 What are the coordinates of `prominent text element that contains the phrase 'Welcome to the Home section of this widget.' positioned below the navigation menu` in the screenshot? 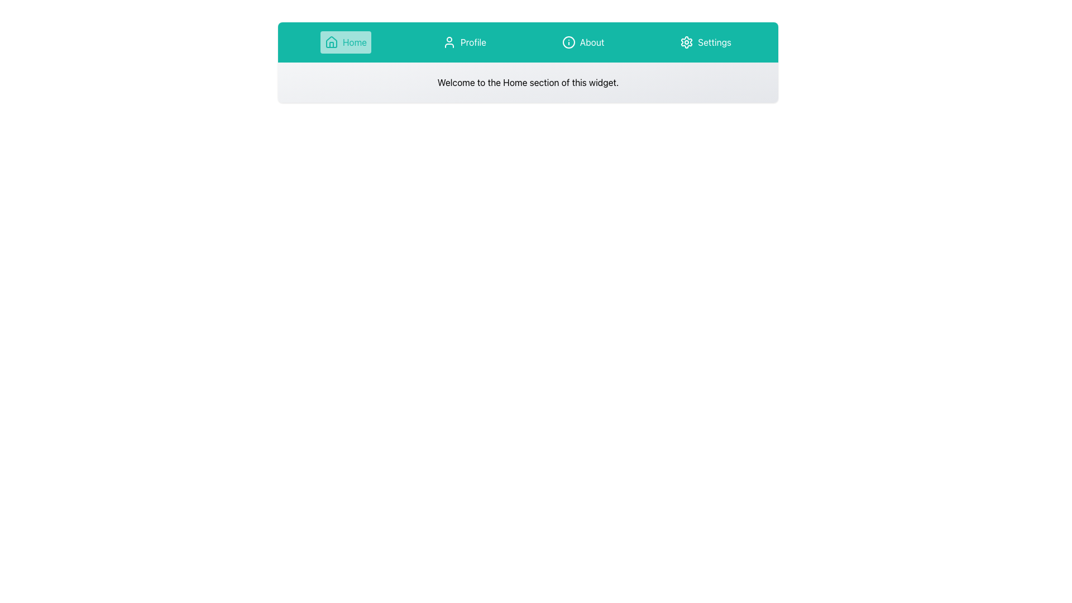 It's located at (527, 82).